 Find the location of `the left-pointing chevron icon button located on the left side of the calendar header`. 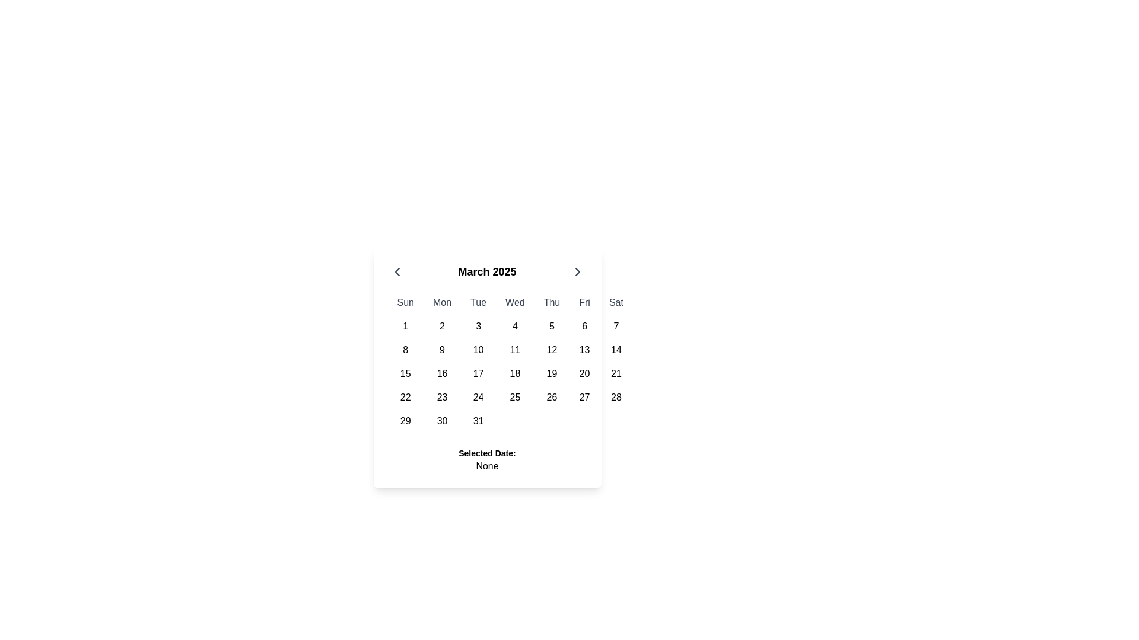

the left-pointing chevron icon button located on the left side of the calendar header is located at coordinates (397, 272).